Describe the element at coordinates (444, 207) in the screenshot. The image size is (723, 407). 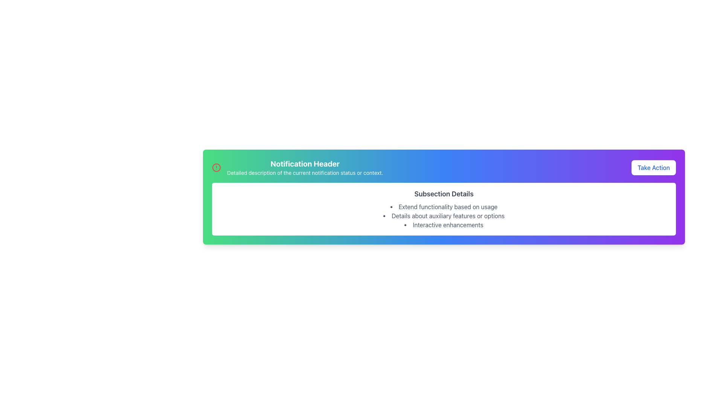
I see `the text element displaying the phrase 'Extend functionality based on usage', which is styled with a bullet point on its left and positioned as the first item in a bulleted list under the header 'Subsection Details'` at that location.